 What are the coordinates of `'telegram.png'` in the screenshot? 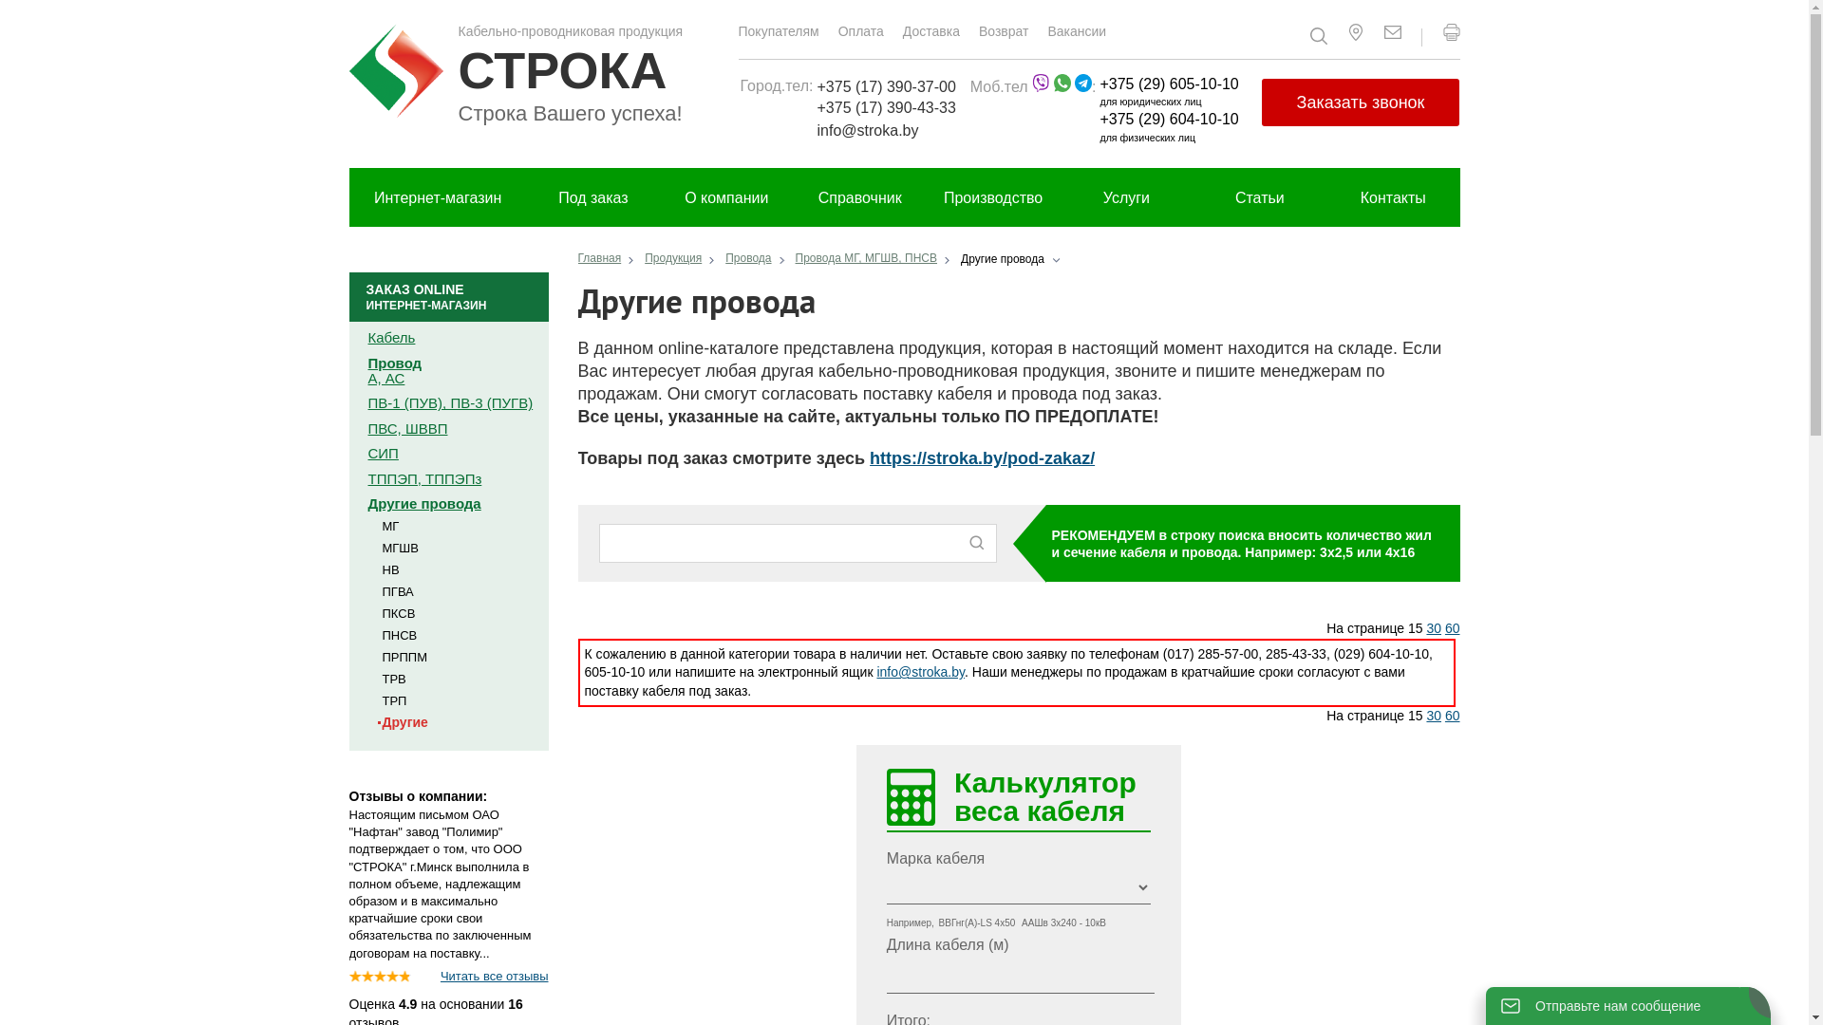 It's located at (1075, 82).